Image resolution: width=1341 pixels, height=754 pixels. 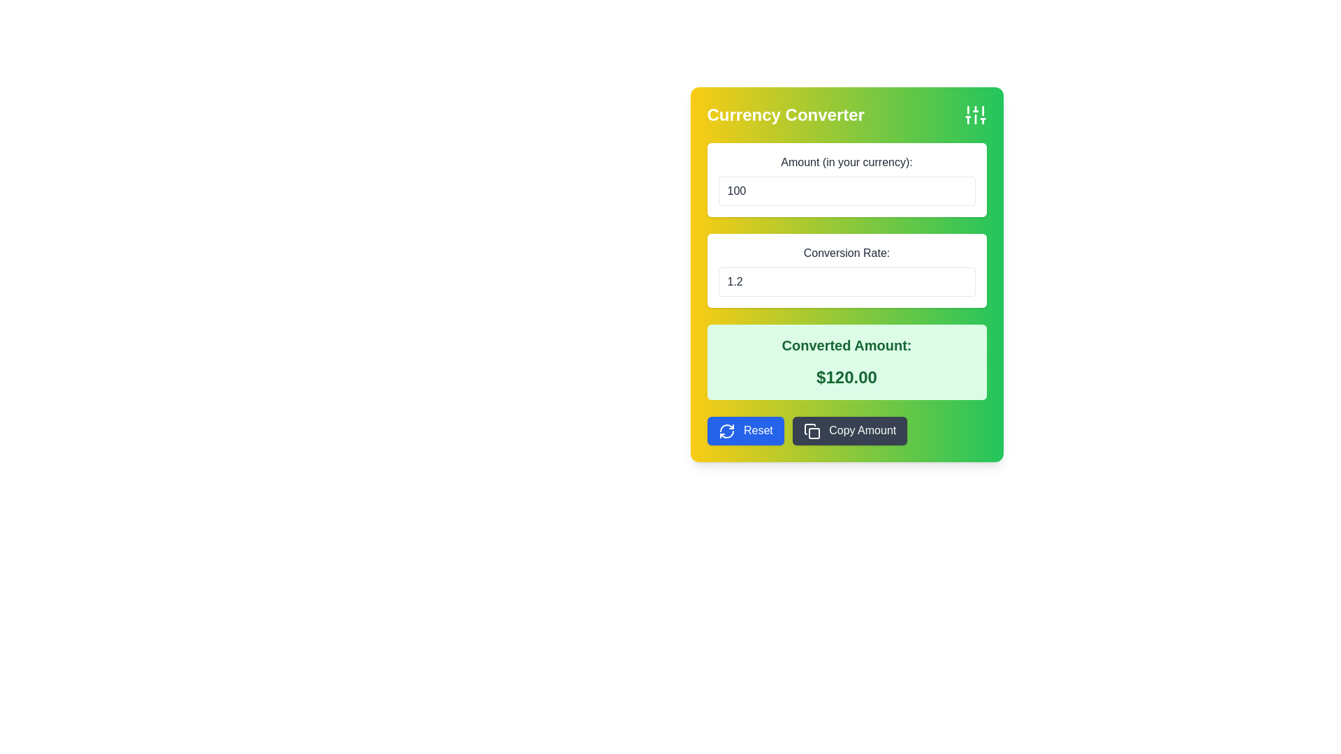 What do you see at coordinates (846, 345) in the screenshot?
I see `the text label displaying 'Converted Amount:' which is styled in bold, dark green font on a light green background, located above the numerical text '$120.00' in the currency converter interface` at bounding box center [846, 345].